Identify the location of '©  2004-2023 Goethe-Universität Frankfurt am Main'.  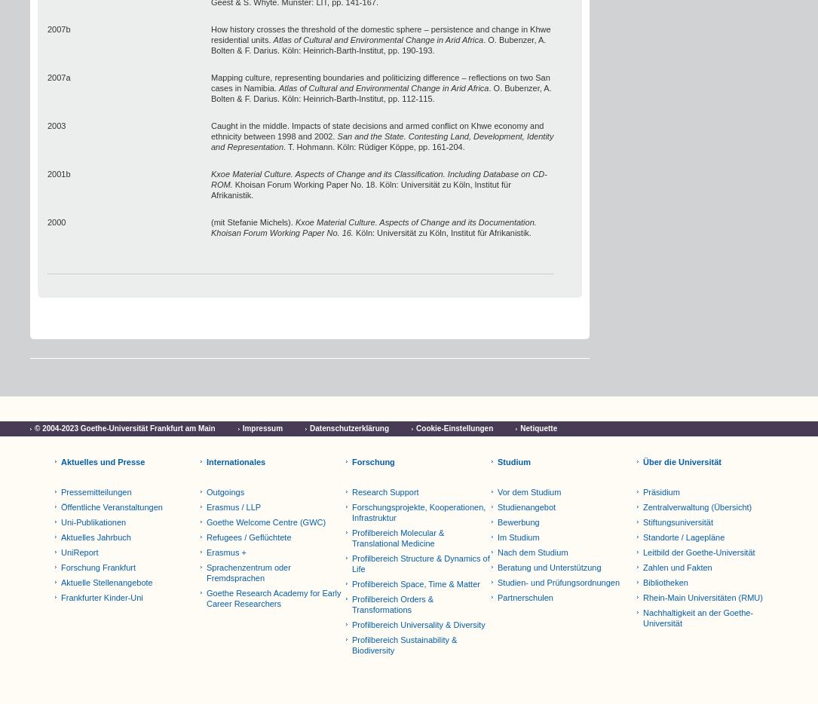
(124, 427).